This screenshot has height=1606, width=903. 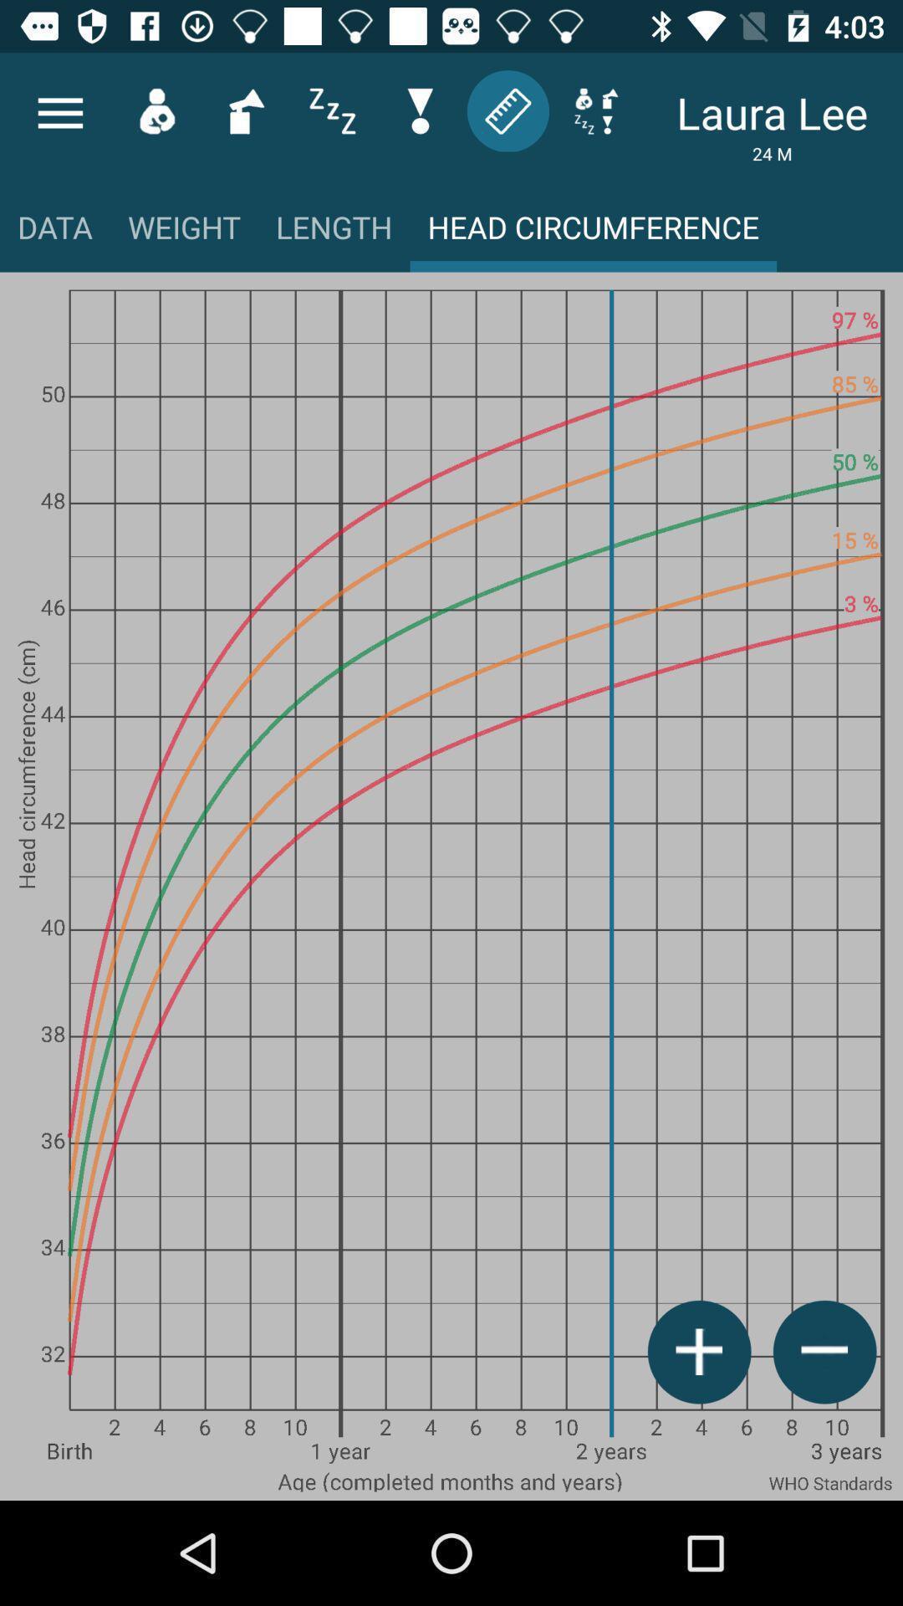 I want to click on the text next to length, so click(x=592, y=233).